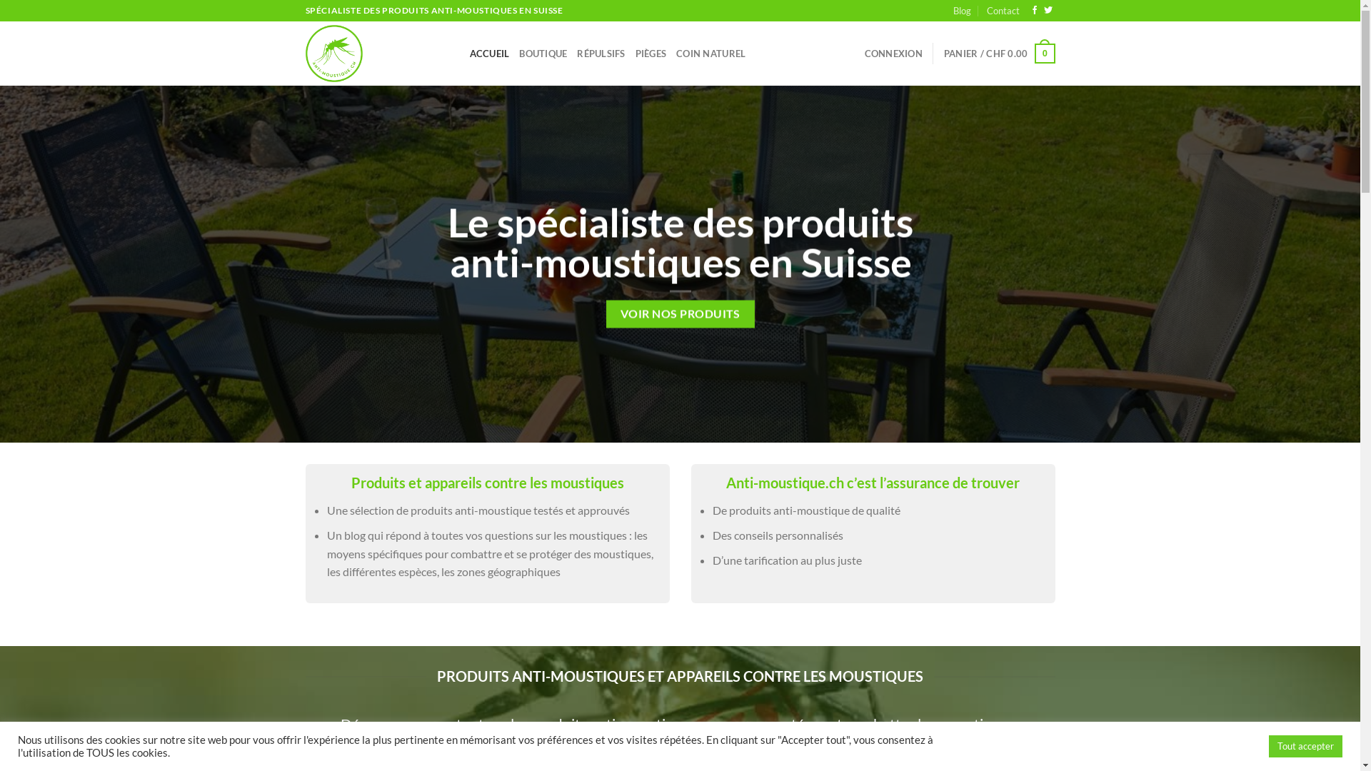  What do you see at coordinates (679, 313) in the screenshot?
I see `'VOIR NOS PRODUITS'` at bounding box center [679, 313].